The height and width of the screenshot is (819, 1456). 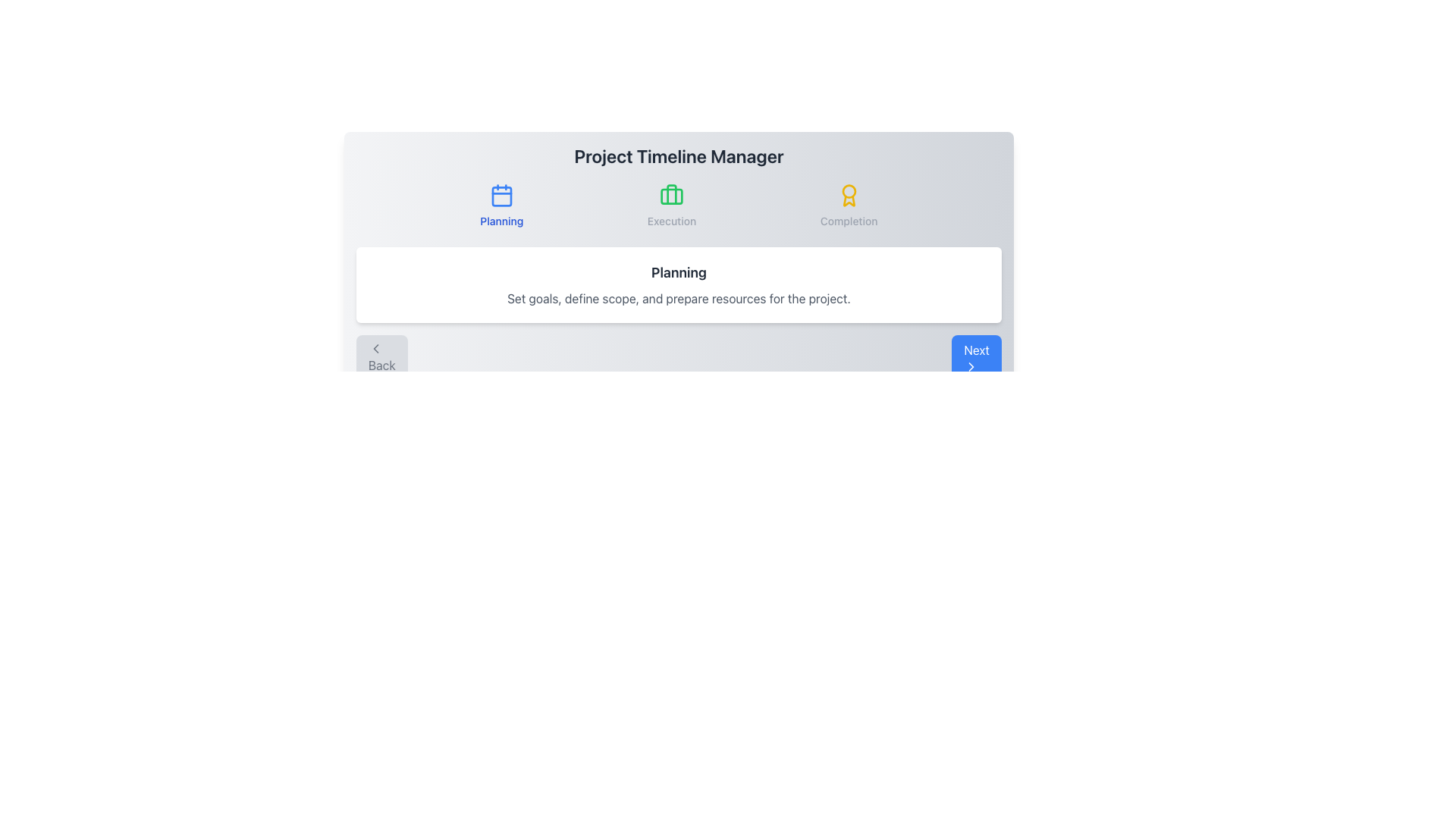 What do you see at coordinates (678, 206) in the screenshot?
I see `the group of labeled icons in the Project Timeline Manager` at bounding box center [678, 206].